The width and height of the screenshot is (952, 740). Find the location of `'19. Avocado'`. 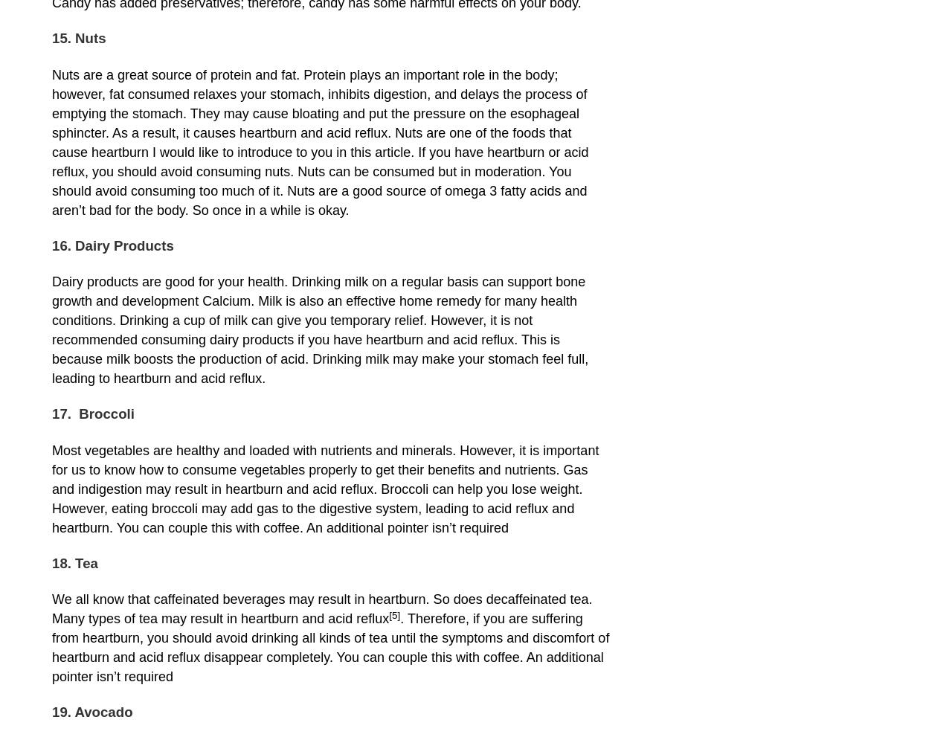

'19. Avocado' is located at coordinates (91, 712).